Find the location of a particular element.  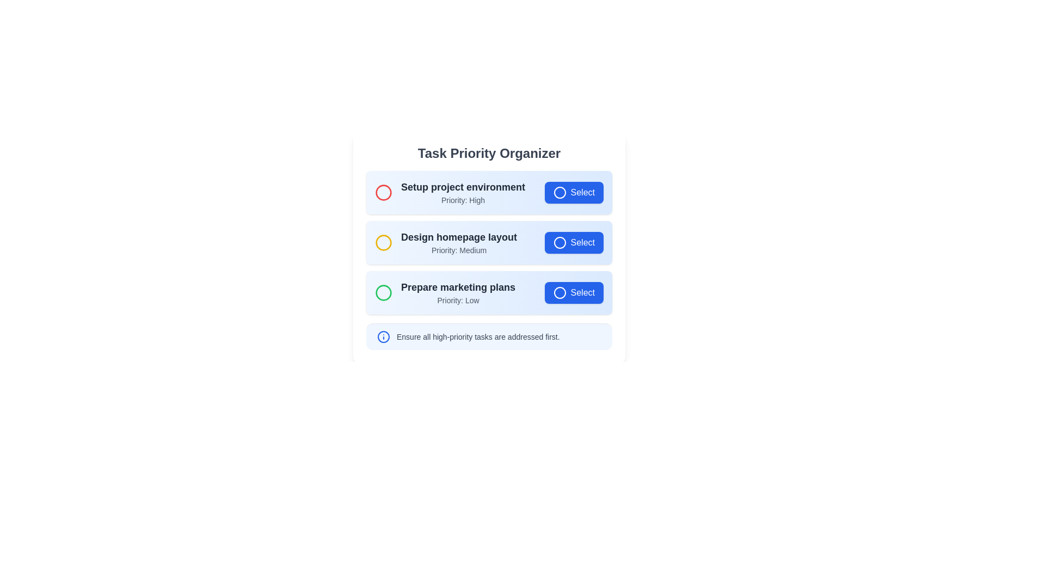

text content of the Text Label displaying 'Priority: High', which is located directly below the title 'Setup project environment' in the 'Task Priority Organizer' interface is located at coordinates (463, 200).